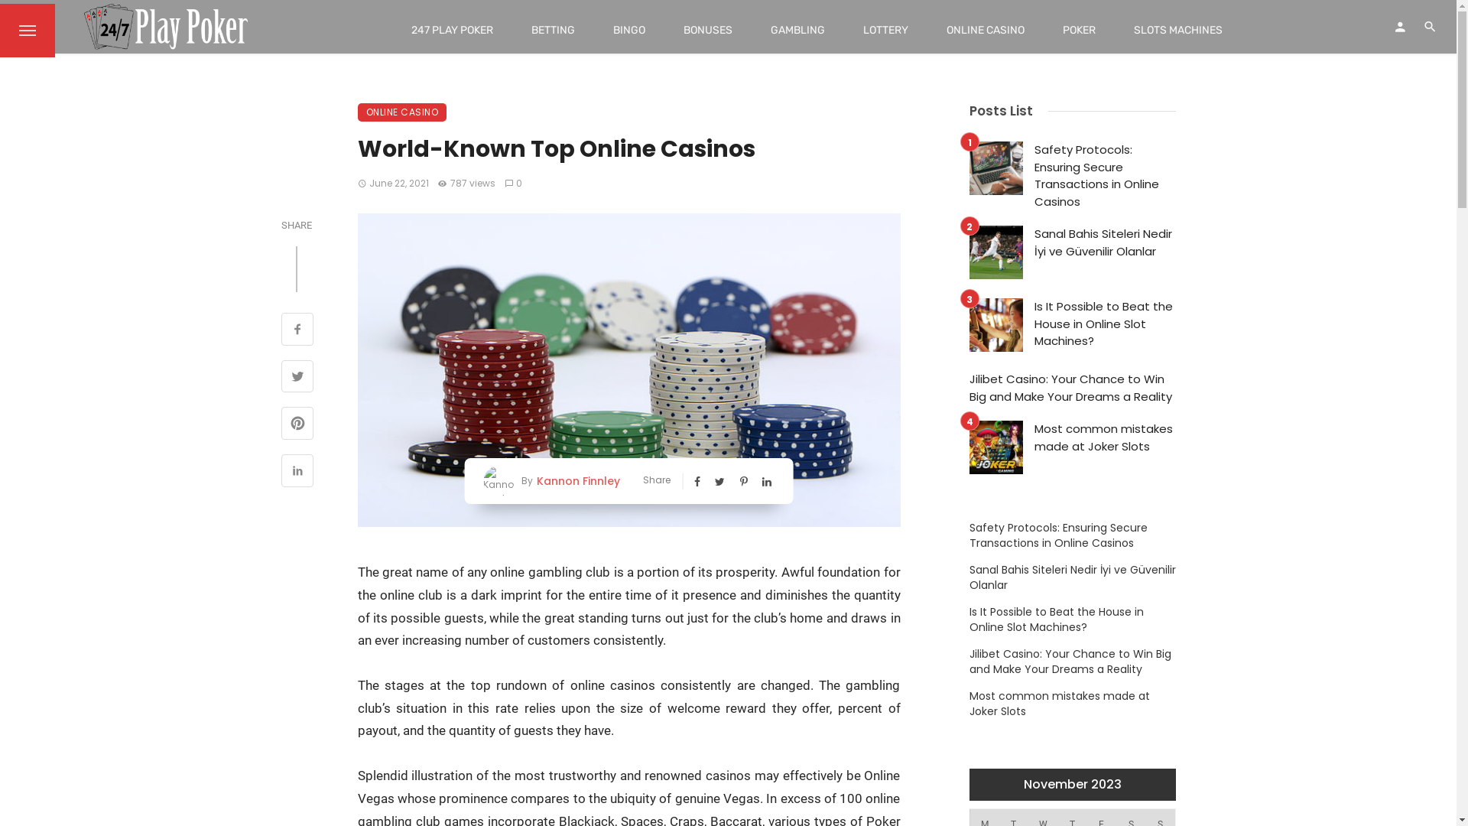 This screenshot has height=826, width=1468. What do you see at coordinates (927, 30) in the screenshot?
I see `'ONLINE CASINO'` at bounding box center [927, 30].